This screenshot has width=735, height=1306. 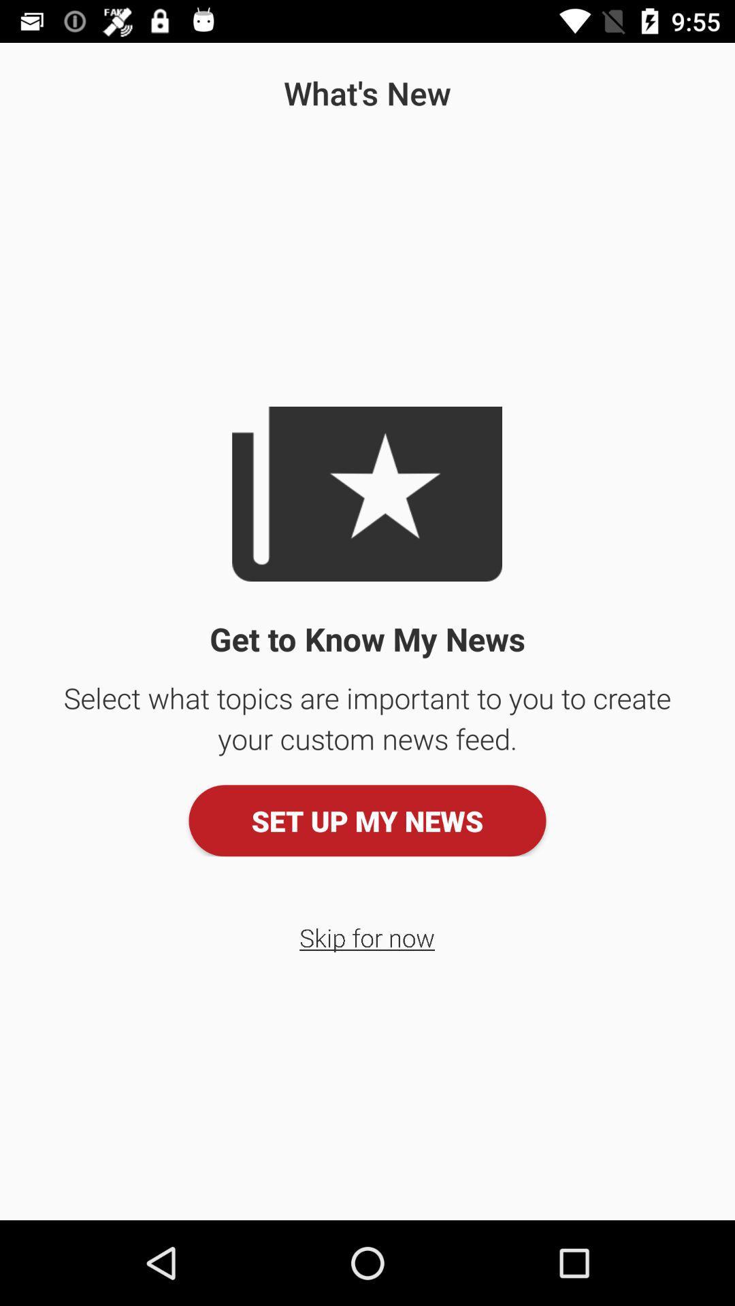 What do you see at coordinates (367, 820) in the screenshot?
I see `app below select what topics item` at bounding box center [367, 820].